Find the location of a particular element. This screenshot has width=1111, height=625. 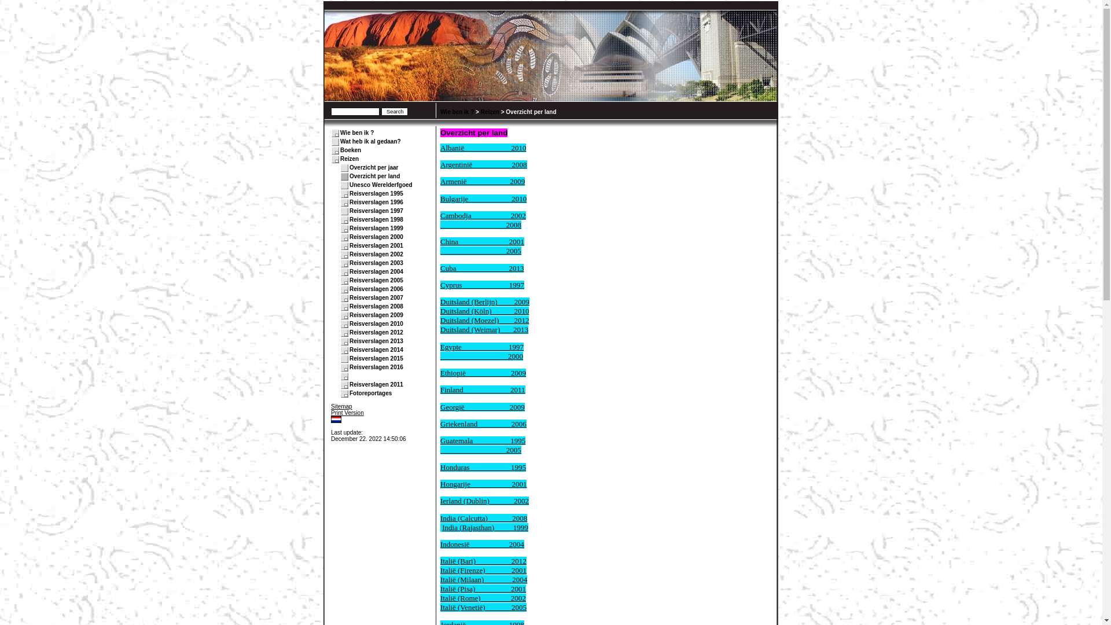

'Reisverslagen 2011' is located at coordinates (349, 384).